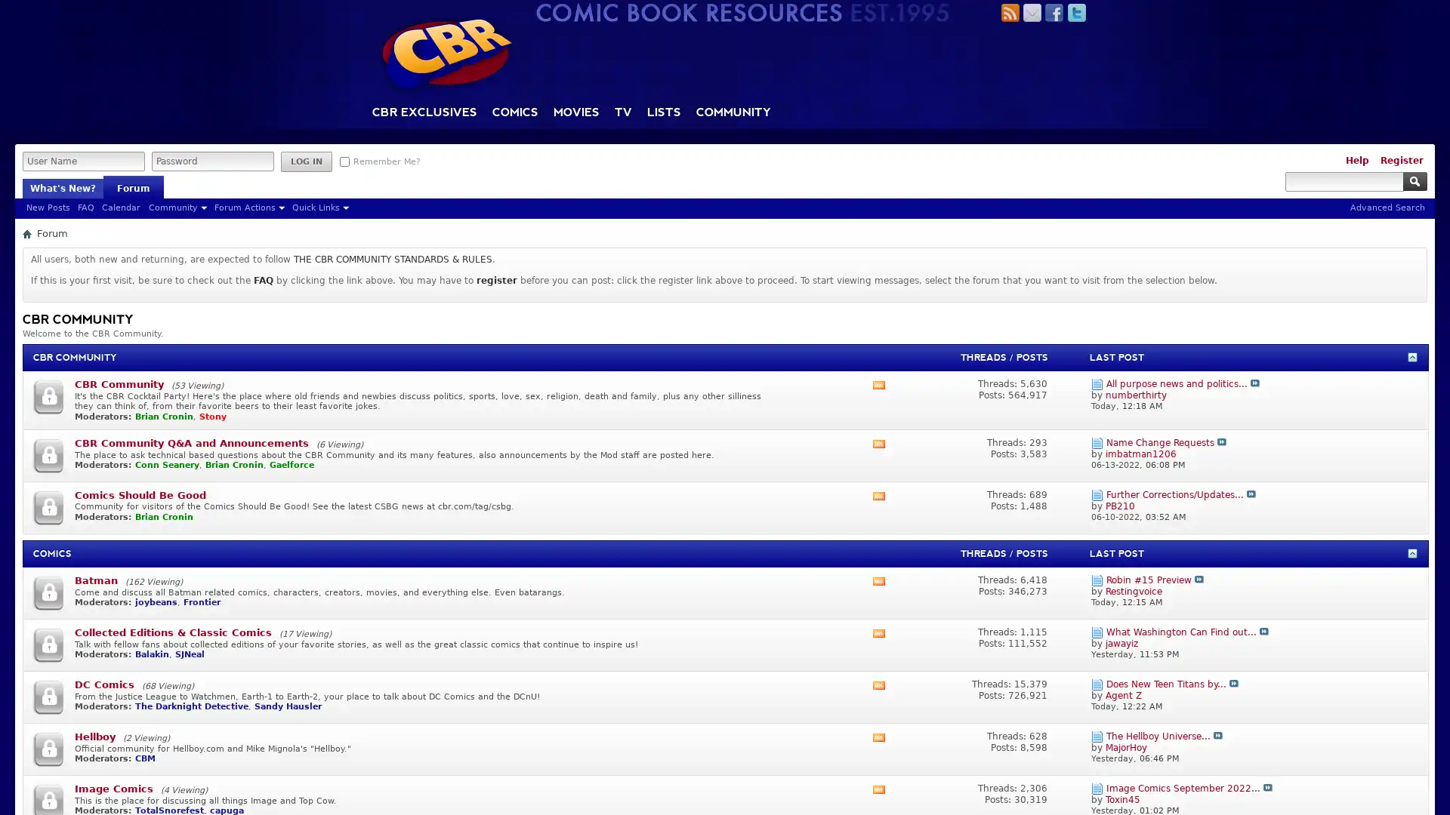 This screenshot has height=815, width=1450. What do you see at coordinates (306, 161) in the screenshot?
I see `Log in` at bounding box center [306, 161].